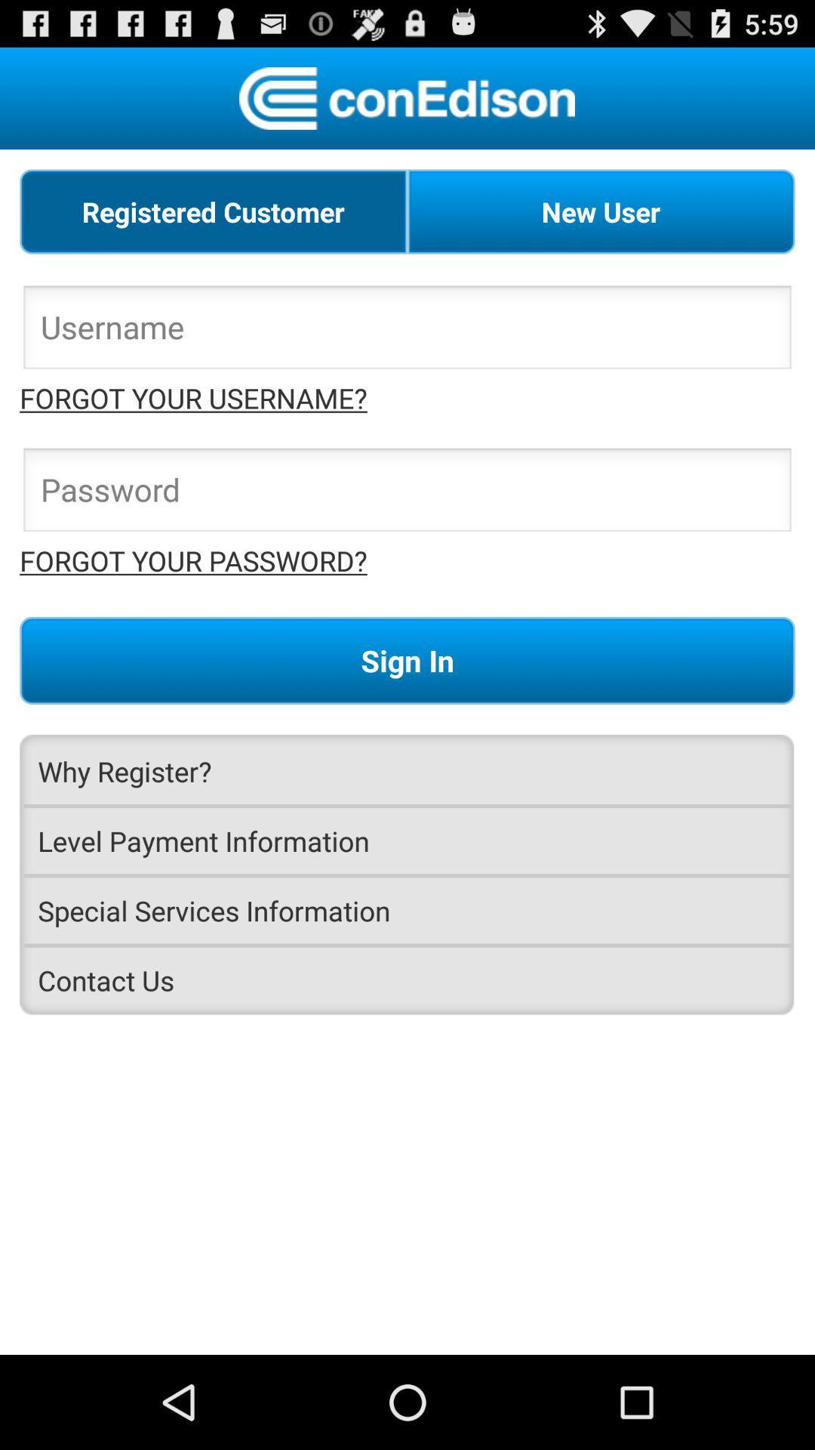 The width and height of the screenshot is (815, 1450). Describe the element at coordinates (600, 211) in the screenshot. I see `the new user at the top right corner` at that location.